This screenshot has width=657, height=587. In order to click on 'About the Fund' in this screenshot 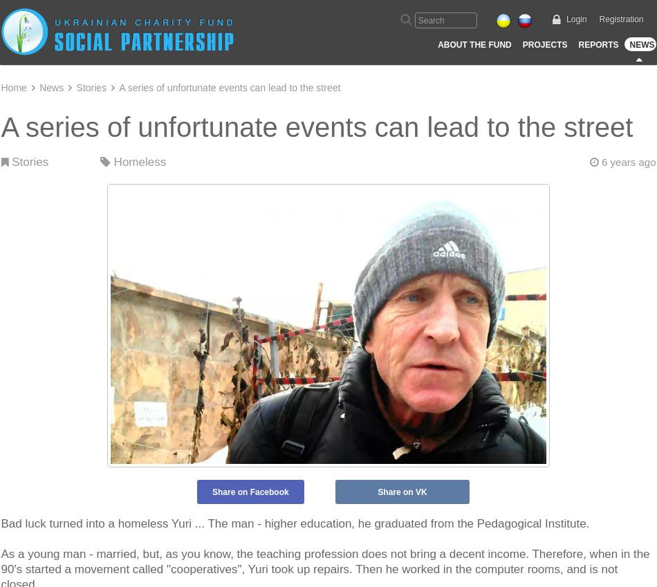, I will do `click(474, 45)`.